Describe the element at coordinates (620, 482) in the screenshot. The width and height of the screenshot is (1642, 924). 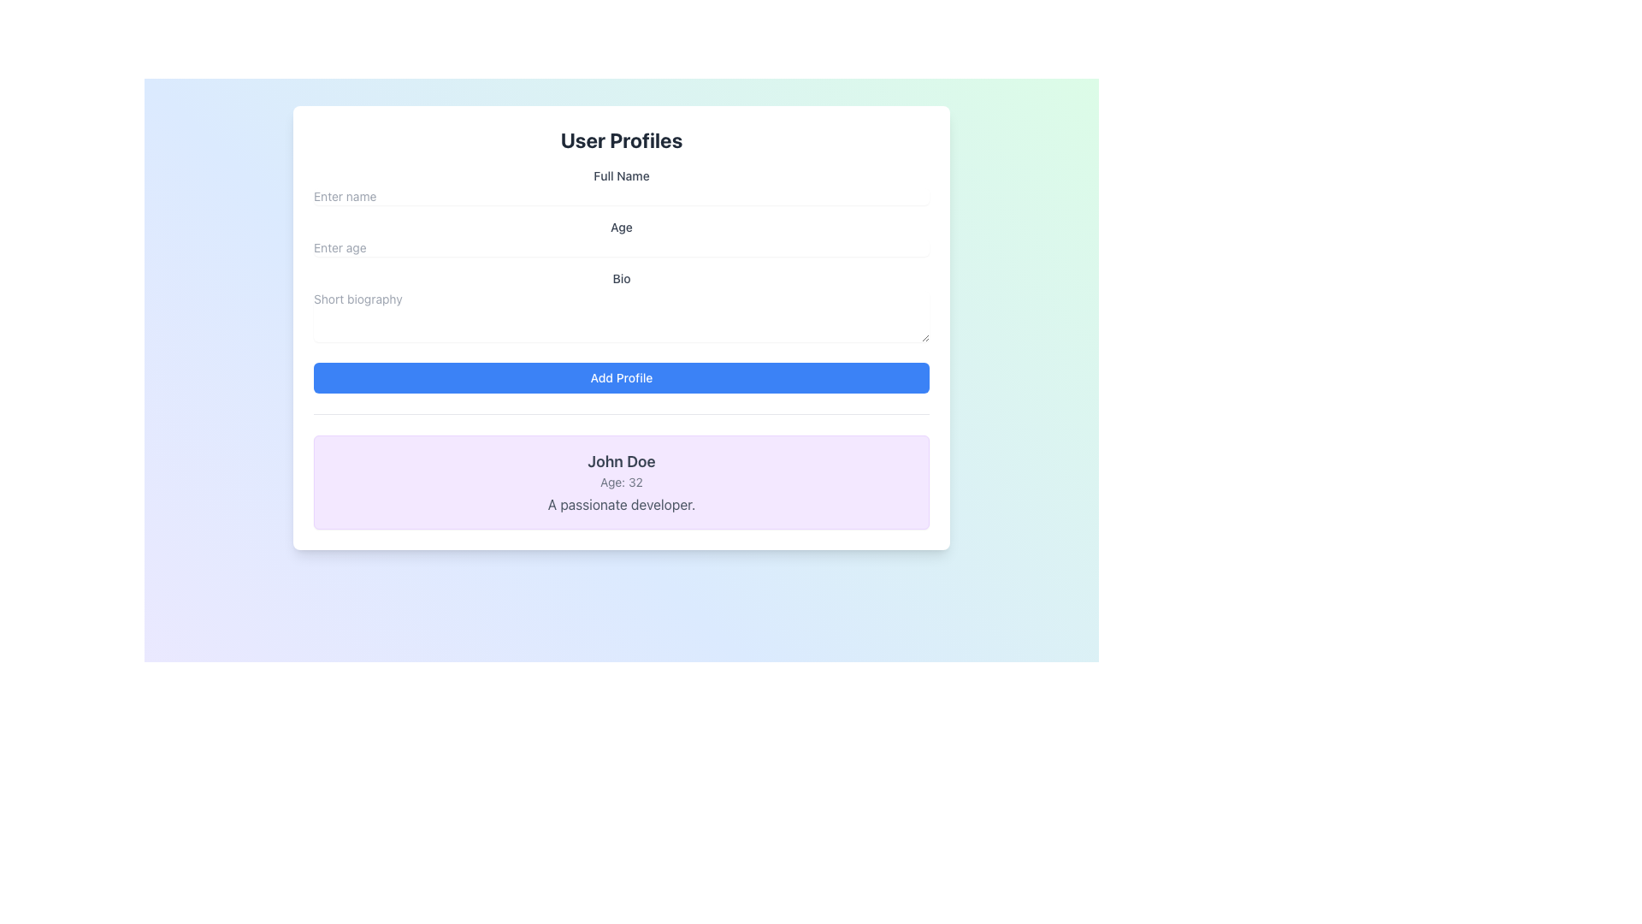
I see `the static text label displaying 'Age: 32', which is styled in a smaller, lighter font and is positioned beneath 'John Doe' and above 'A passionate developer.'` at that location.